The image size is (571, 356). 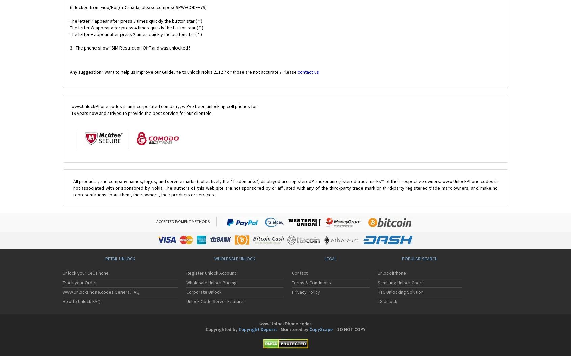 I want to click on '- DO NOT COPY', so click(x=349, y=329).